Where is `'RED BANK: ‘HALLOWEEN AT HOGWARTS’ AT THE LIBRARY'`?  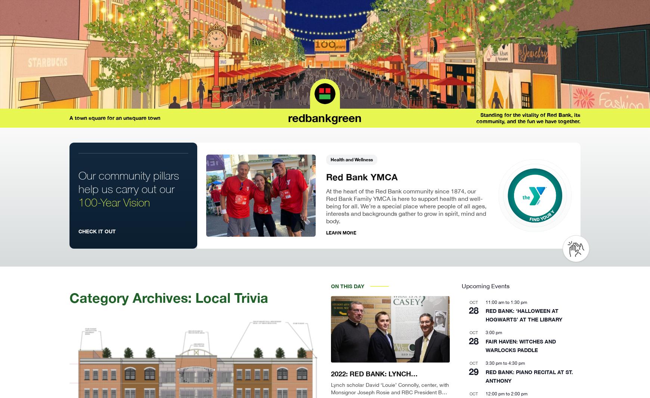
'RED BANK: ‘HALLOWEEN AT HOGWARTS’ AT THE LIBRARY' is located at coordinates (523, 315).